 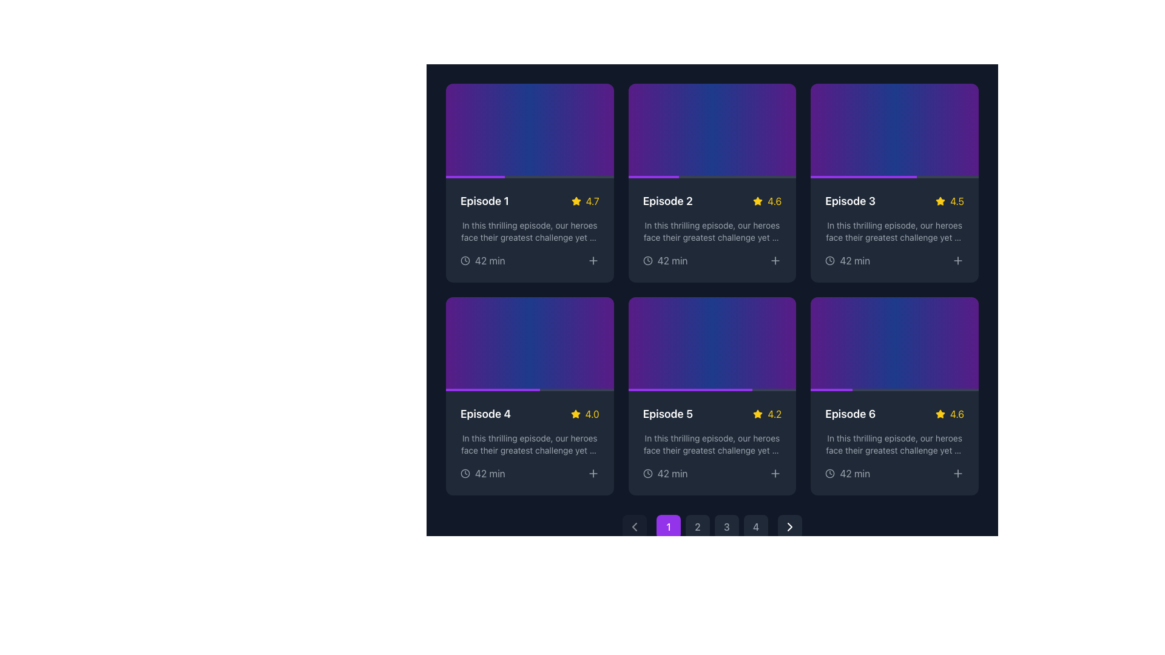 I want to click on the interactive button for adding or selecting 'Episode 1', located at the bottom-right corner near the '42 min' duration text to observe hover effects, so click(x=593, y=260).